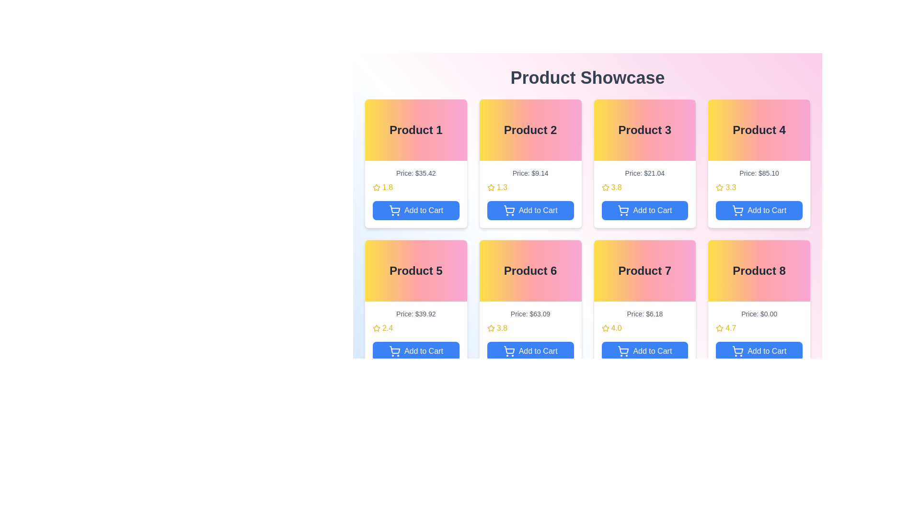  What do you see at coordinates (759, 271) in the screenshot?
I see `the header label displaying 'Product 8' in the bottom-right corner of the product card grid` at bounding box center [759, 271].